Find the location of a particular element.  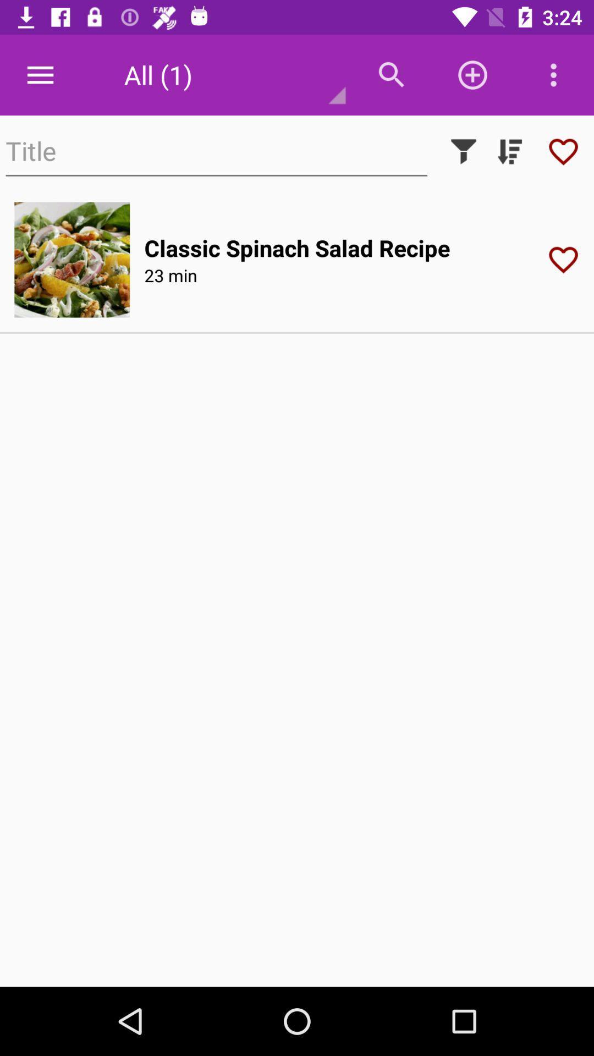

open image is located at coordinates (72, 259).